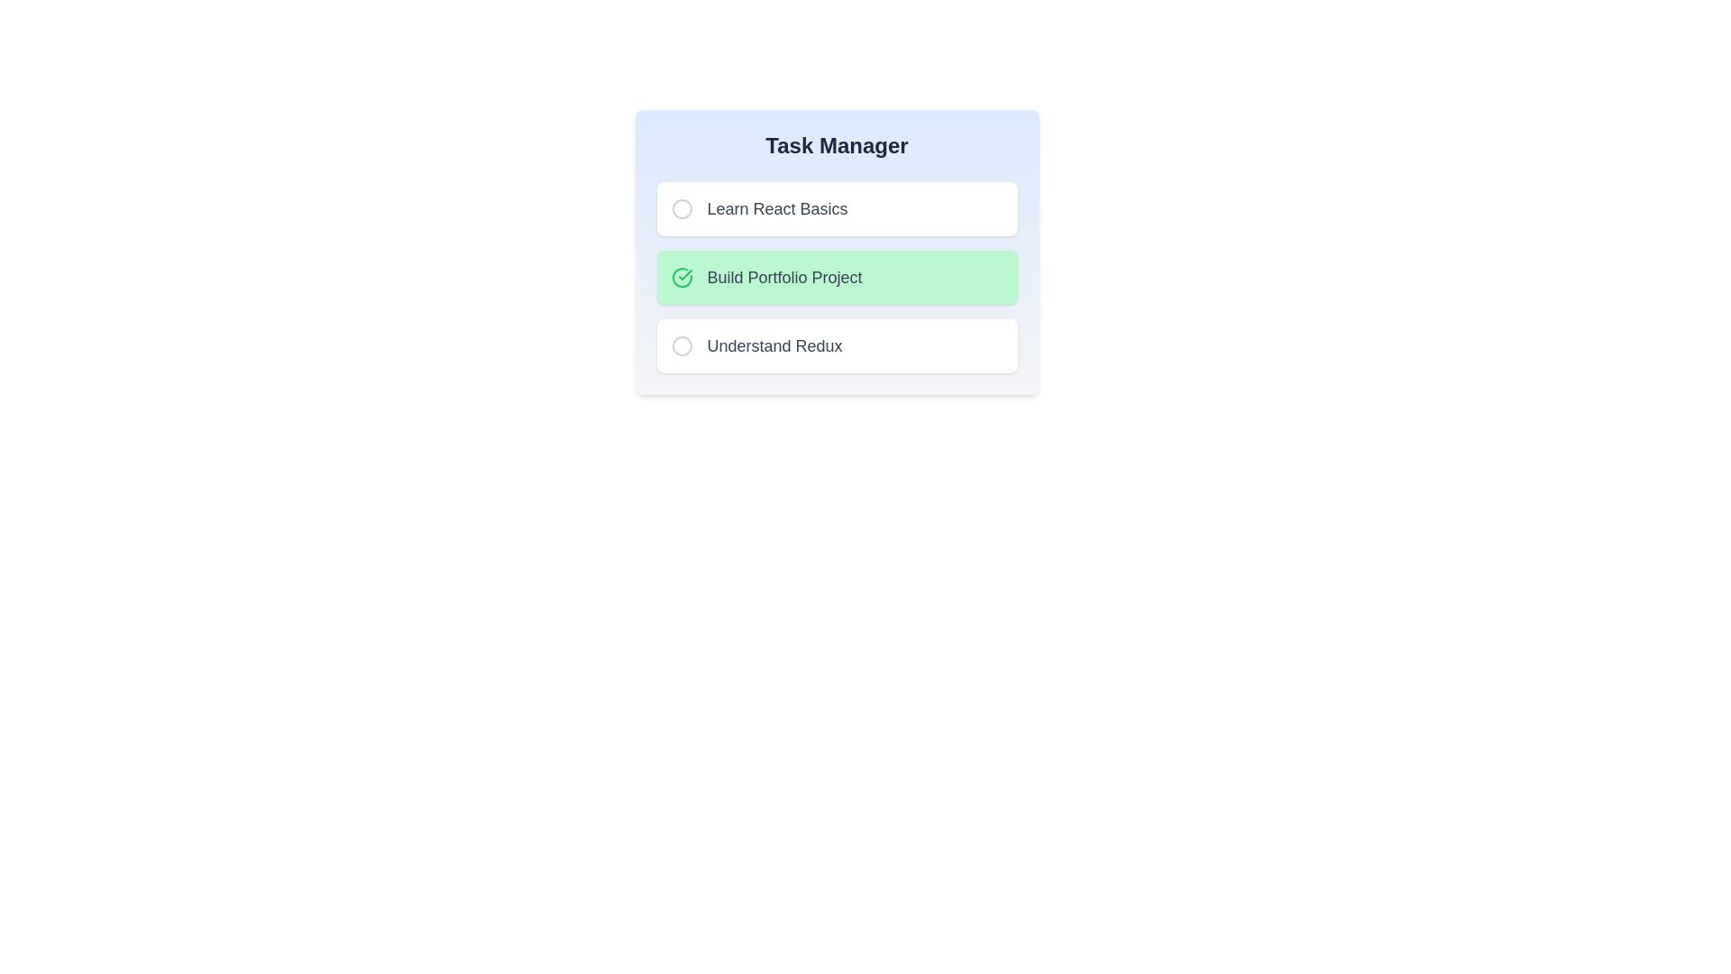 The height and width of the screenshot is (974, 1731). What do you see at coordinates (836, 346) in the screenshot?
I see `the task named Understand Redux to toggle its completion status` at bounding box center [836, 346].